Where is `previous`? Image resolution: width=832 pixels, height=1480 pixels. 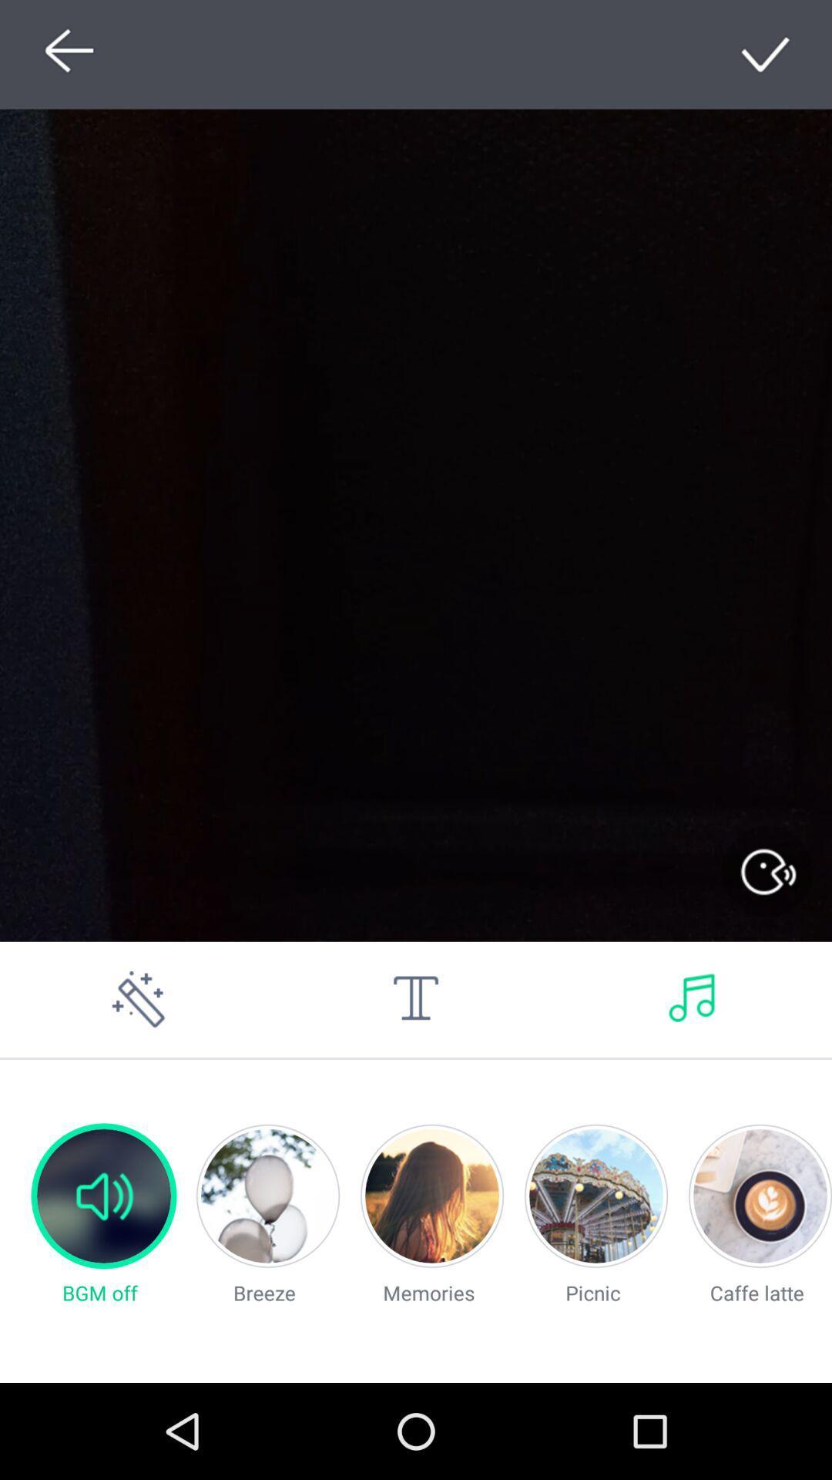
previous is located at coordinates (64, 54).